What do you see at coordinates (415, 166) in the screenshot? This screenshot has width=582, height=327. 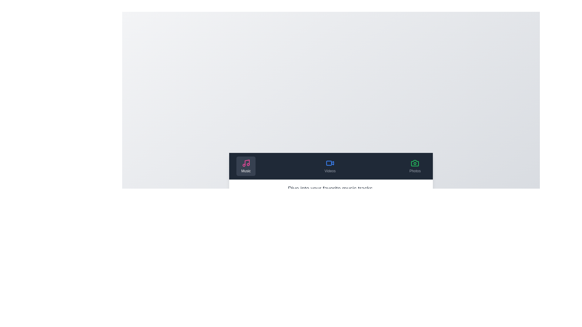 I see `the Photos tab to read its content` at bounding box center [415, 166].